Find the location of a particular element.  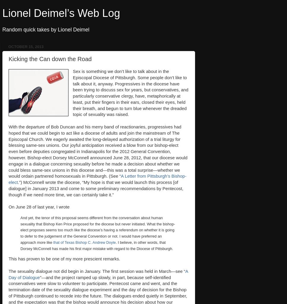

'On June 28 of last year, I wrote' is located at coordinates (39, 207).